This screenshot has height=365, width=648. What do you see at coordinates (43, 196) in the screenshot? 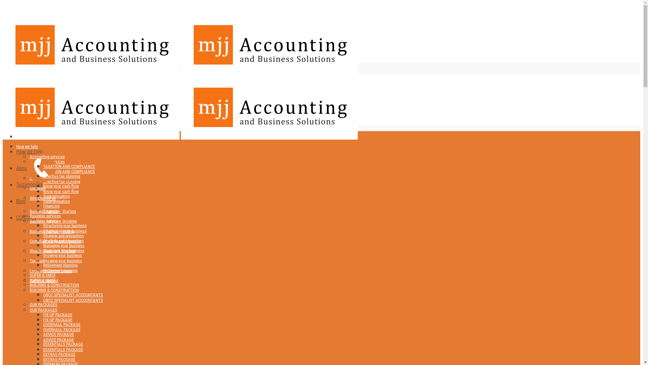
I see `'Superannuation'` at bounding box center [43, 196].